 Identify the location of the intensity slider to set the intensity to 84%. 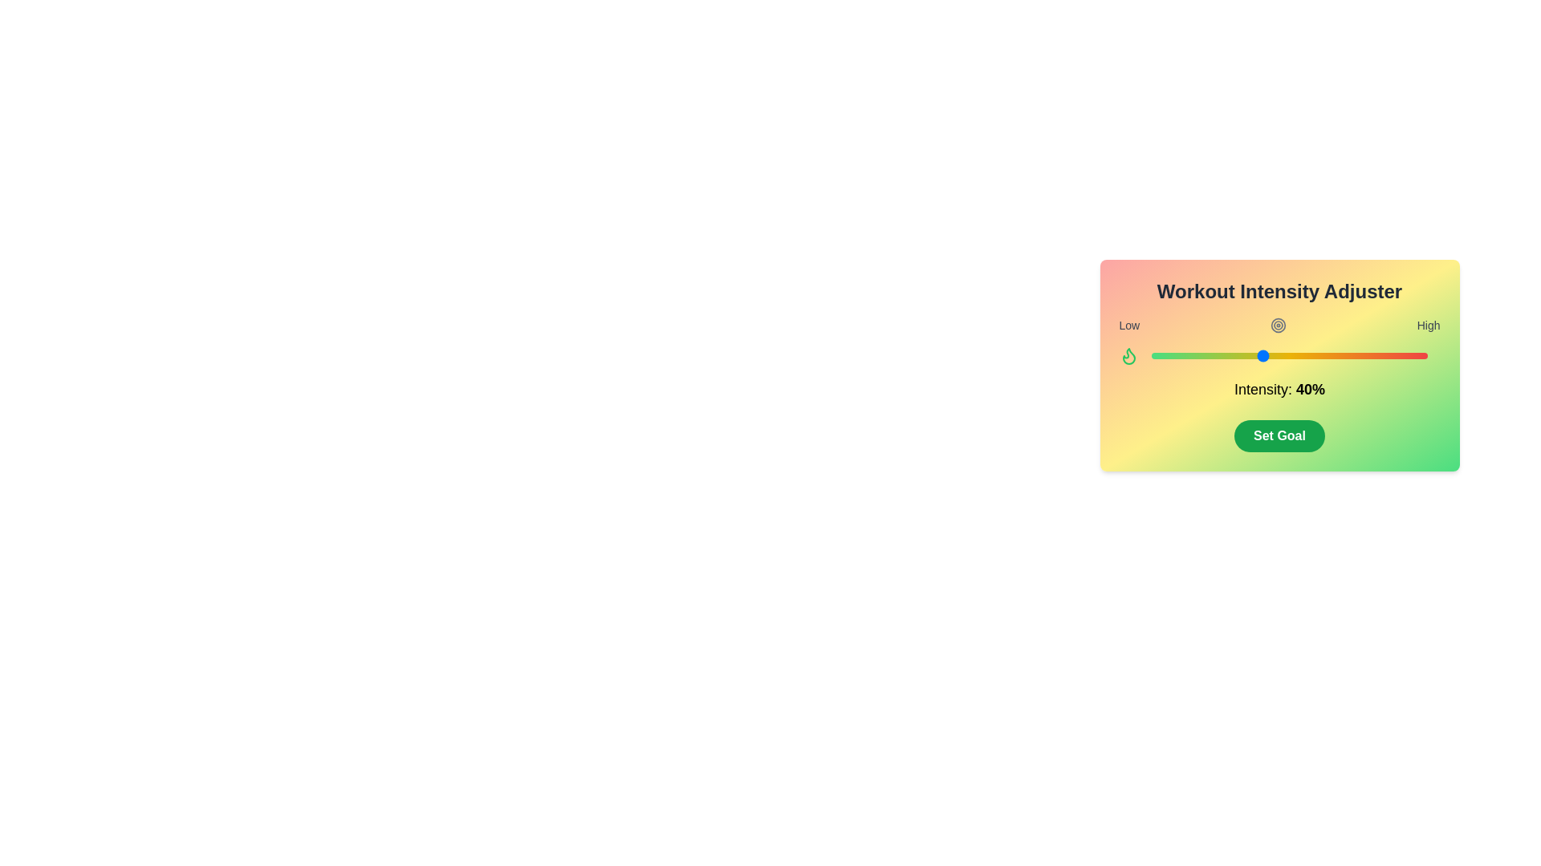
(1382, 354).